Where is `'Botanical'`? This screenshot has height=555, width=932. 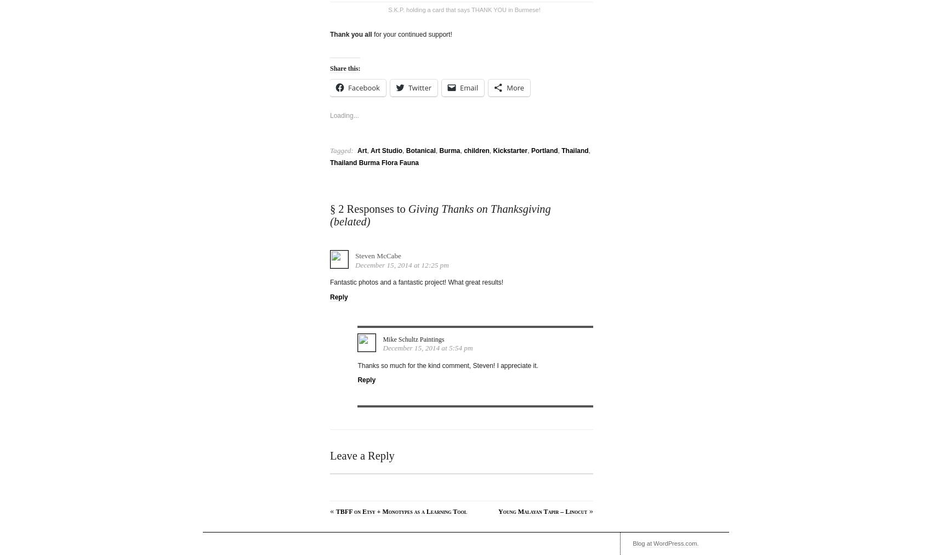
'Botanical' is located at coordinates (420, 146).